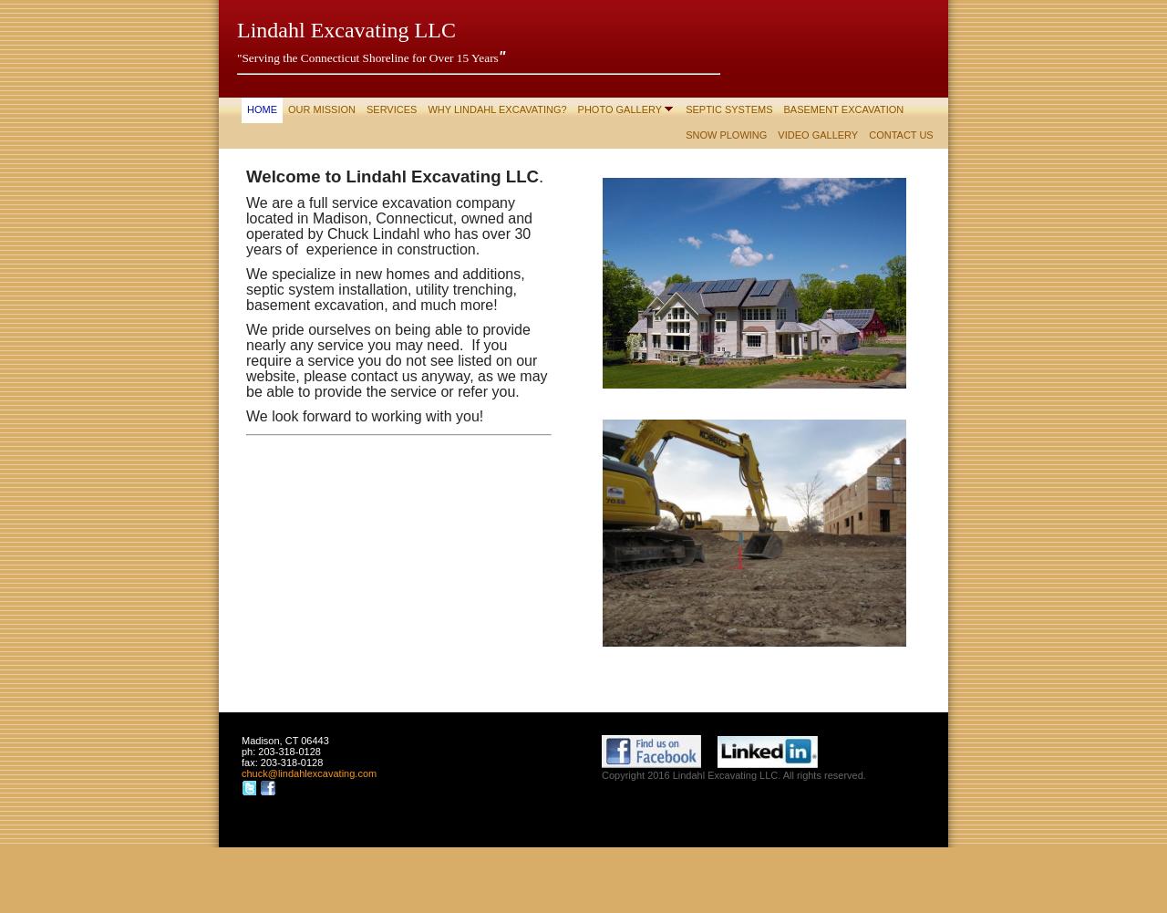  I want to click on 'Contact Us', so click(867, 135).